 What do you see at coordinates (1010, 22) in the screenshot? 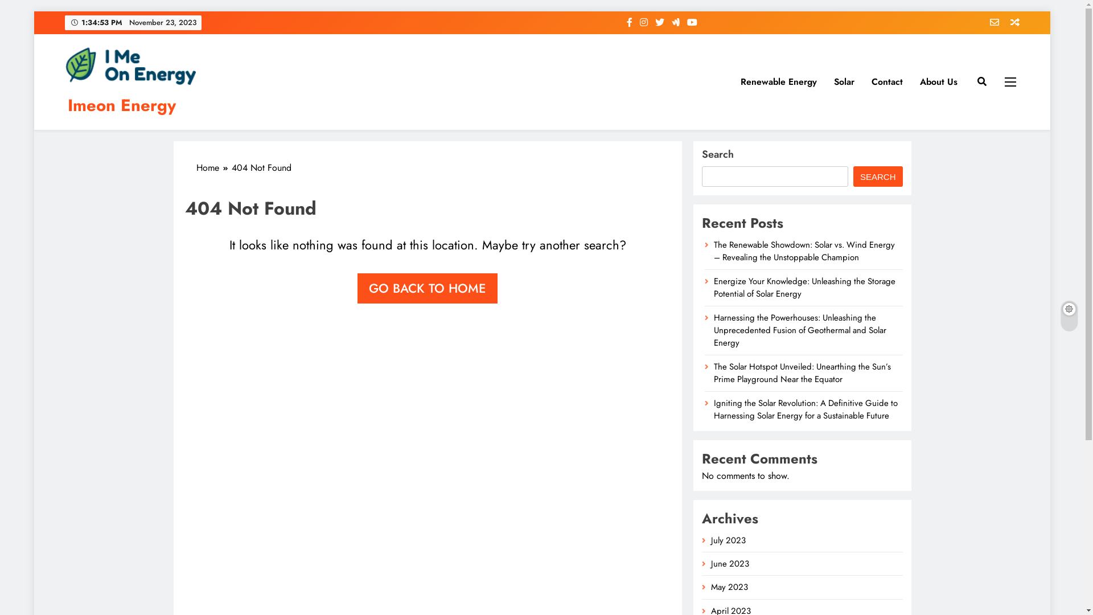
I see `'Random News'` at bounding box center [1010, 22].